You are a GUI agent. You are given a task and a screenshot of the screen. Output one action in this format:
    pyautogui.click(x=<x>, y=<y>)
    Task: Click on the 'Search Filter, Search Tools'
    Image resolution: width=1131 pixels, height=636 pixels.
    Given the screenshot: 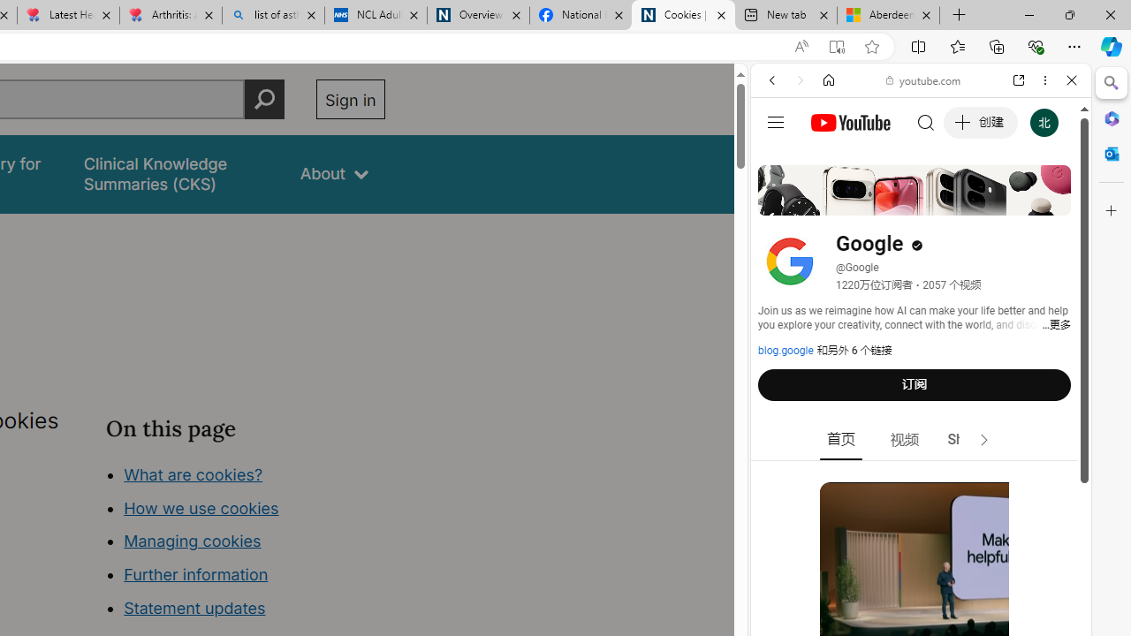 What is the action you would take?
    pyautogui.click(x=965, y=201)
    